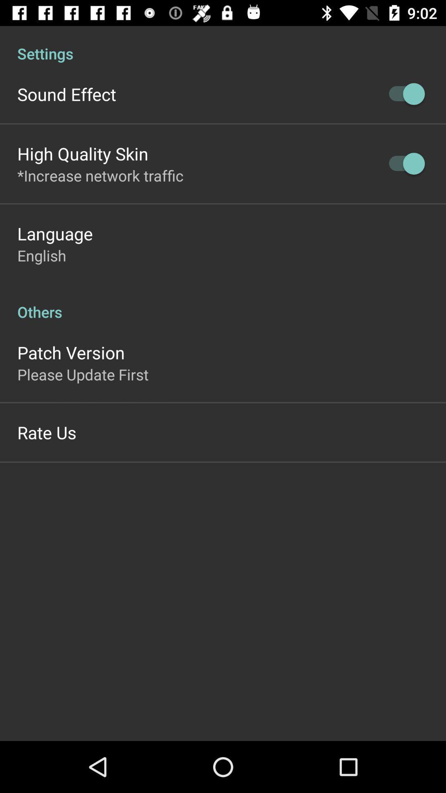 The image size is (446, 793). What do you see at coordinates (83, 374) in the screenshot?
I see `the app below patch version item` at bounding box center [83, 374].